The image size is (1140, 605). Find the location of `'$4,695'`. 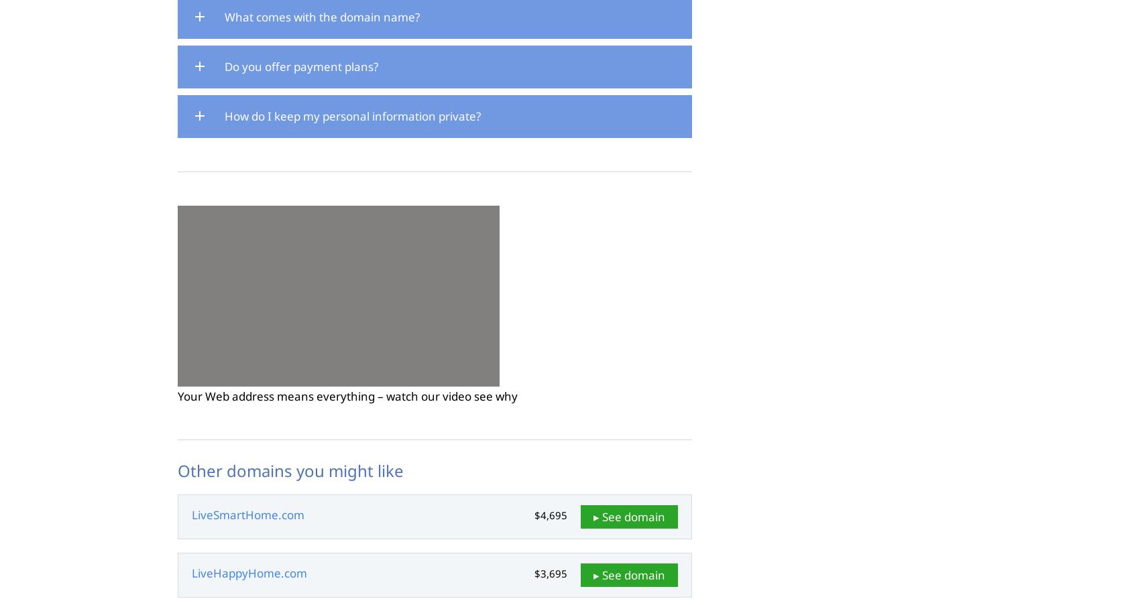

'$4,695' is located at coordinates (550, 515).